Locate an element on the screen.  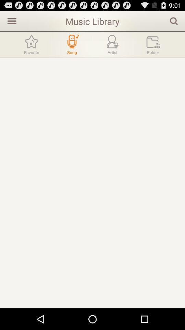
app to the right of the music library app is located at coordinates (174, 20).